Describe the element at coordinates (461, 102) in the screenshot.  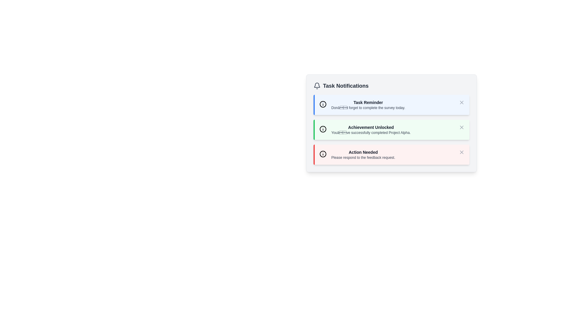
I see `the dismissal button located in the top-right corner of the 'Task Reminder' notification card` at that location.